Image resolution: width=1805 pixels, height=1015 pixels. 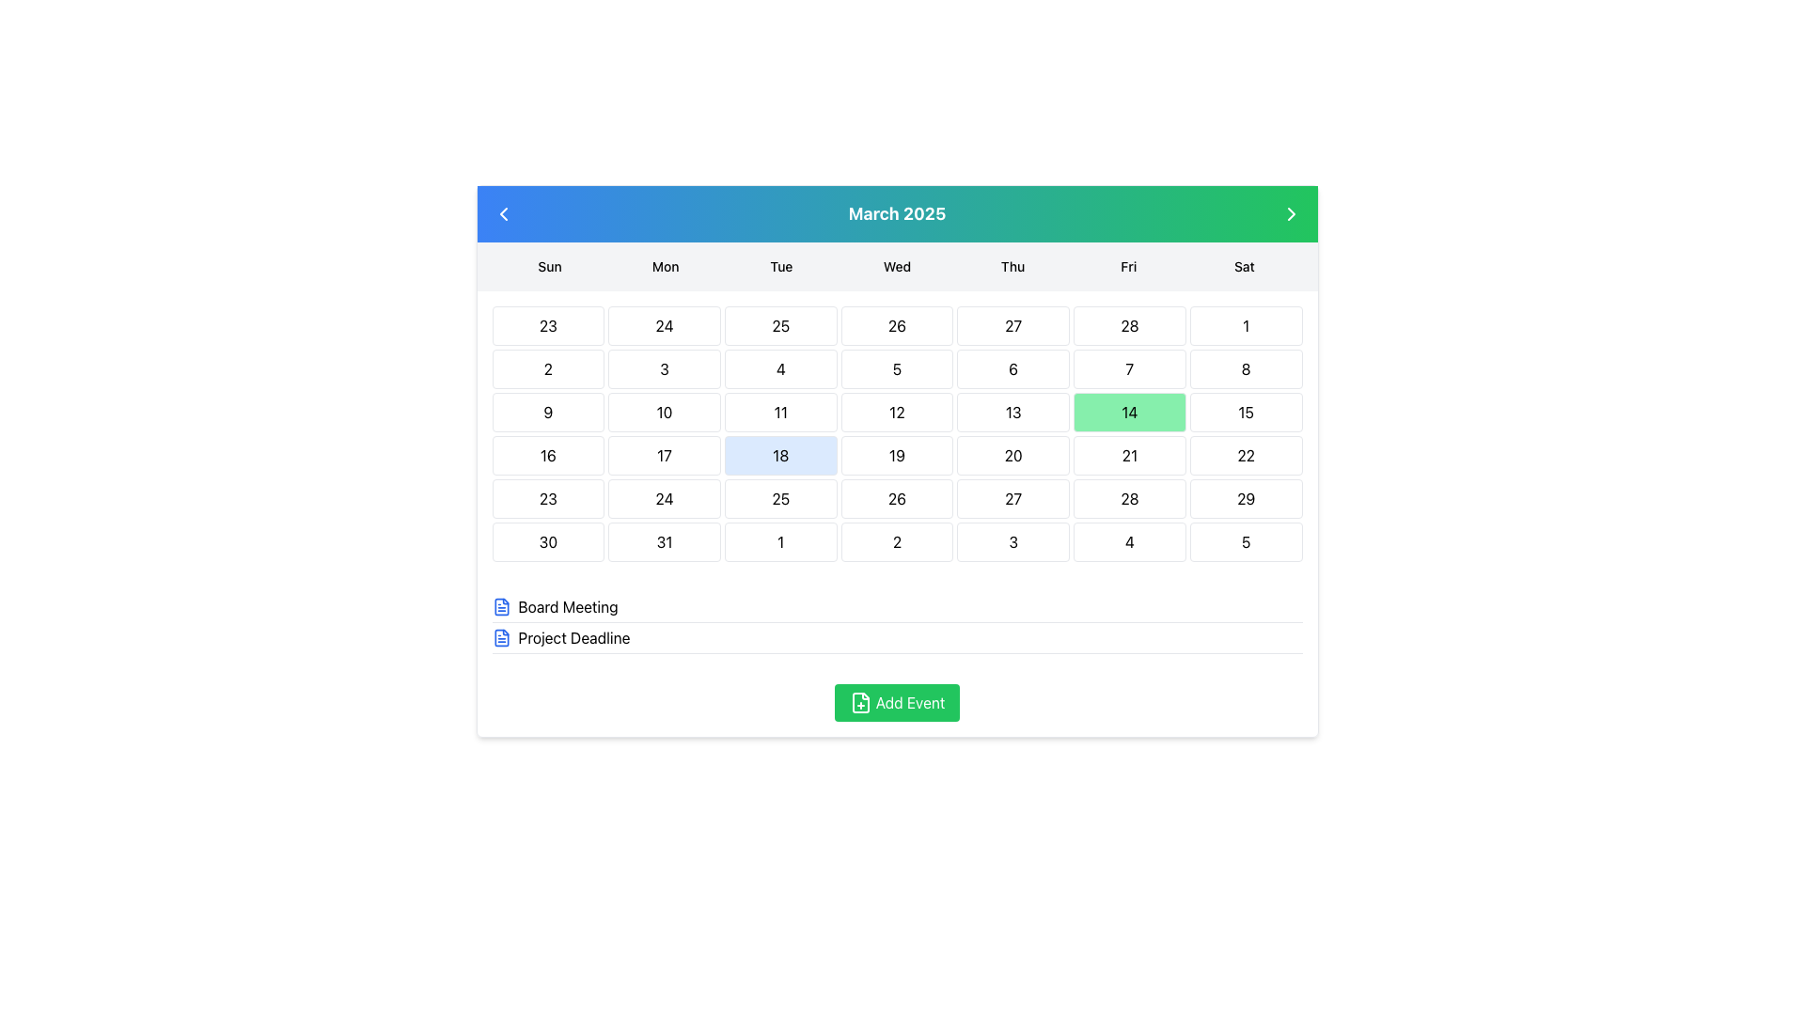 I want to click on the green 'Add Event' button located at the bottom of the interface, so click(x=896, y=703).